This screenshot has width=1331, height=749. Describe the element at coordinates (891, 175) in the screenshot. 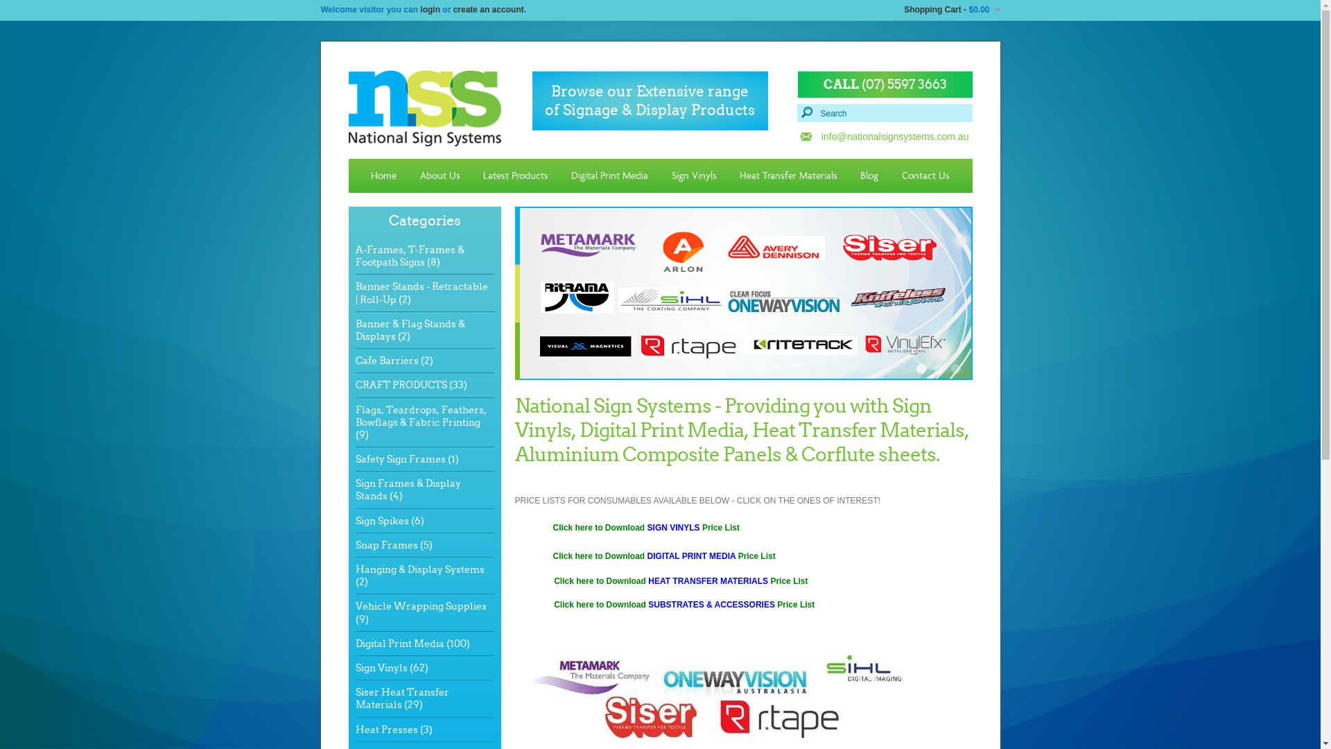

I see `'Contact Us'` at that location.